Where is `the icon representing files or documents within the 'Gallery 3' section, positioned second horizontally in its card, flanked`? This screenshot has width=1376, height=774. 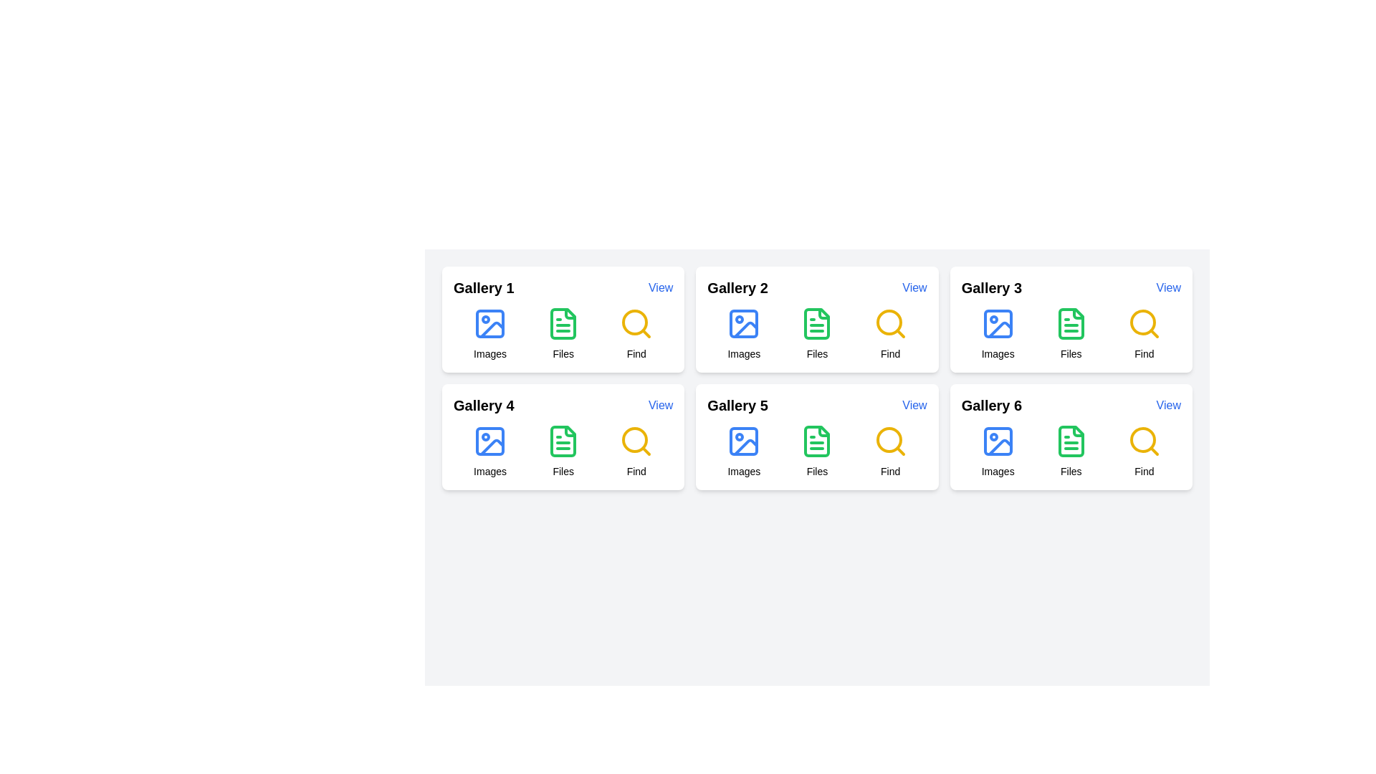 the icon representing files or documents within the 'Gallery 3' section, positioned second horizontally in its card, flanked is located at coordinates (1071, 441).